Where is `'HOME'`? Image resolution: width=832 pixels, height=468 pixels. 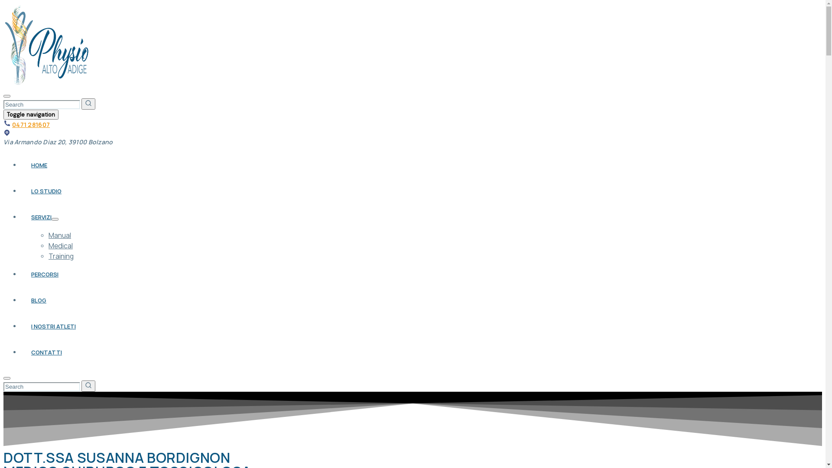 'HOME' is located at coordinates (39, 165).